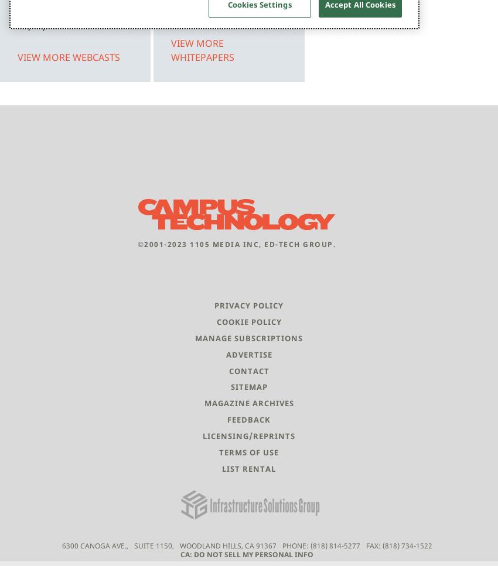  What do you see at coordinates (228, 370) in the screenshot?
I see `'Contact'` at bounding box center [228, 370].